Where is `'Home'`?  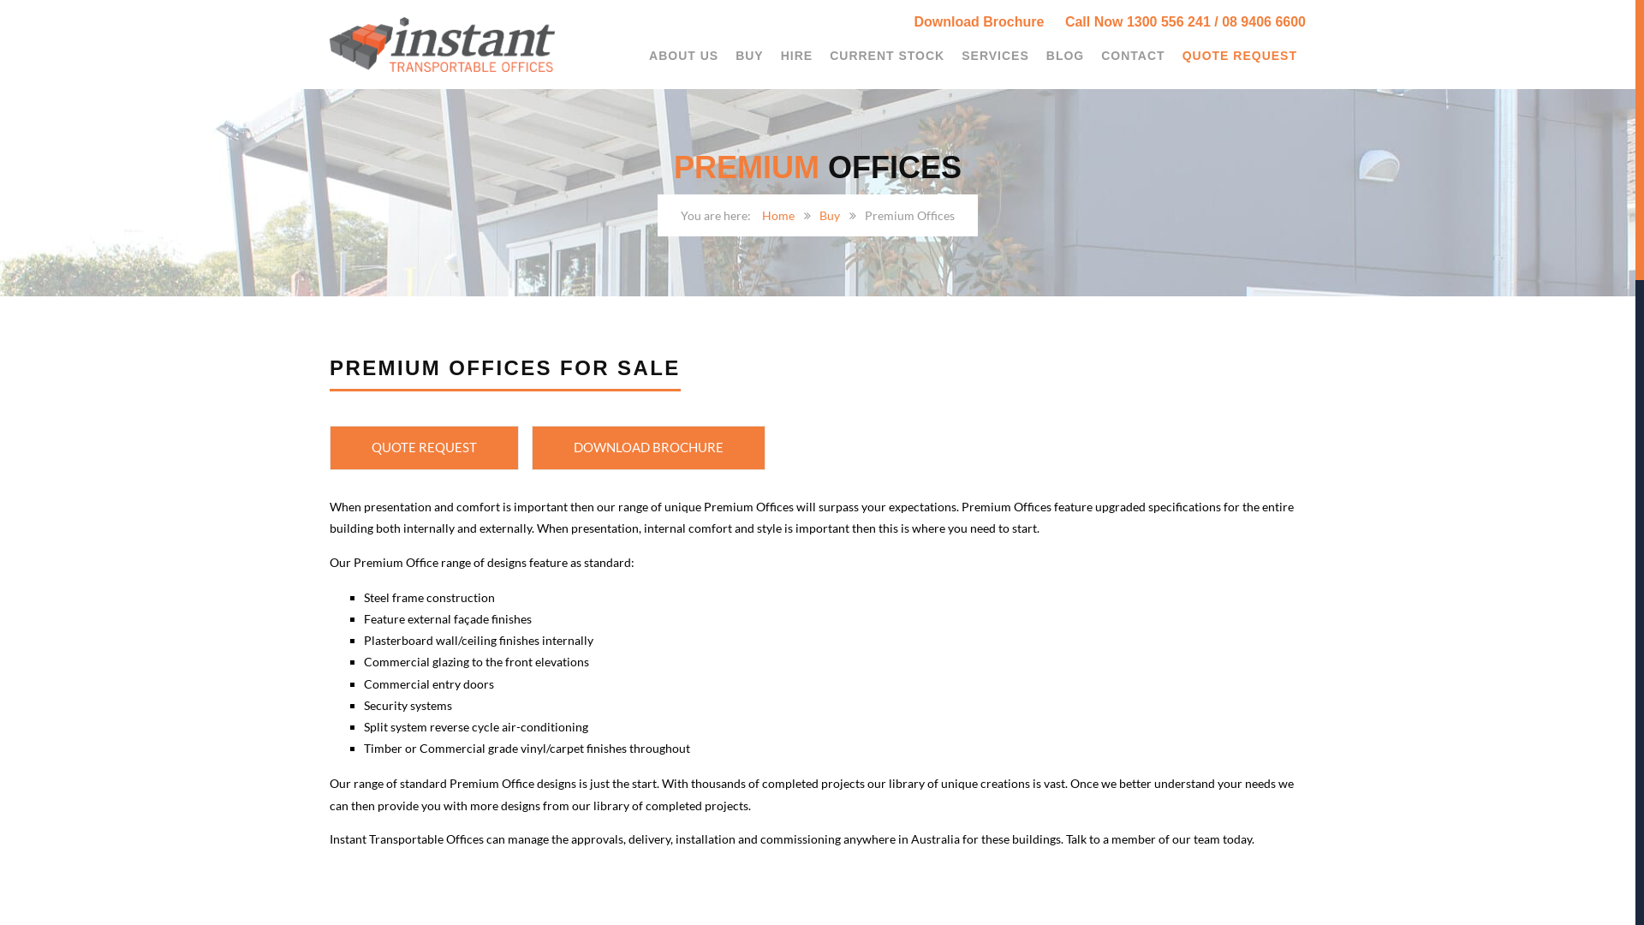 'Home' is located at coordinates (777, 214).